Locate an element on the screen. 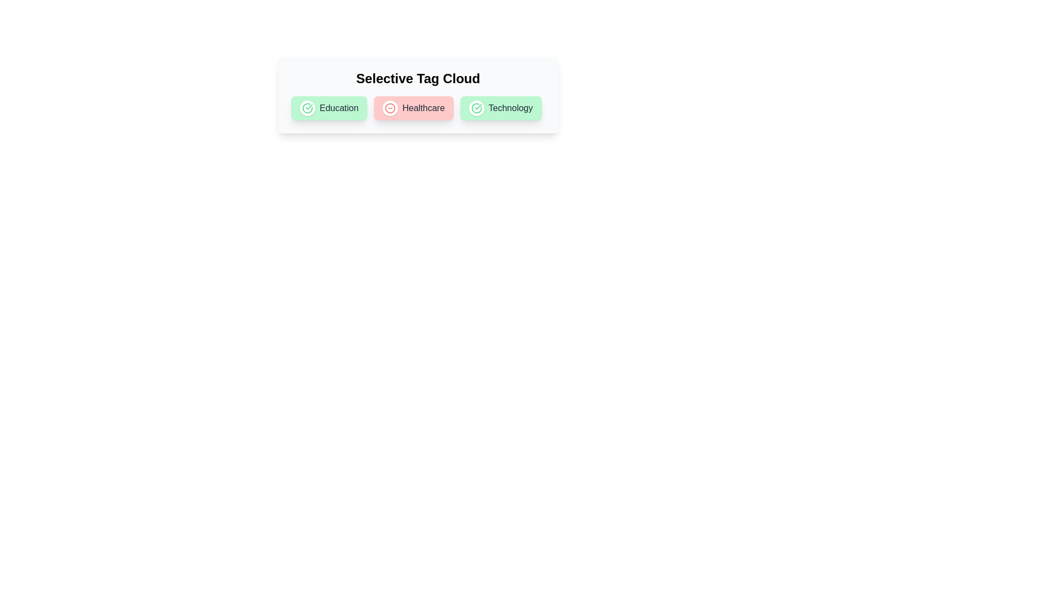  the tag labeled Education is located at coordinates (307, 108).